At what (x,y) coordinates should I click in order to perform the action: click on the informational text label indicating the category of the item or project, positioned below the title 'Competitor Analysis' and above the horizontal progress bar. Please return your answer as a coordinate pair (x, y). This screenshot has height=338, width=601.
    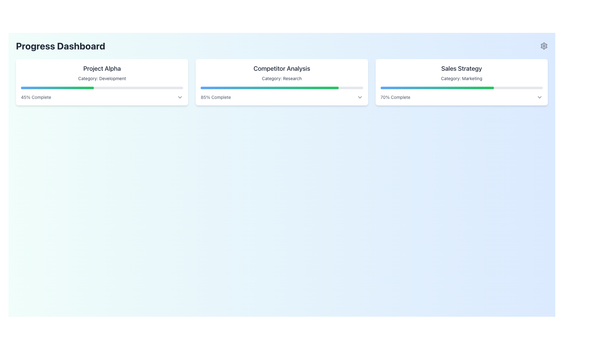
    Looking at the image, I should click on (281, 78).